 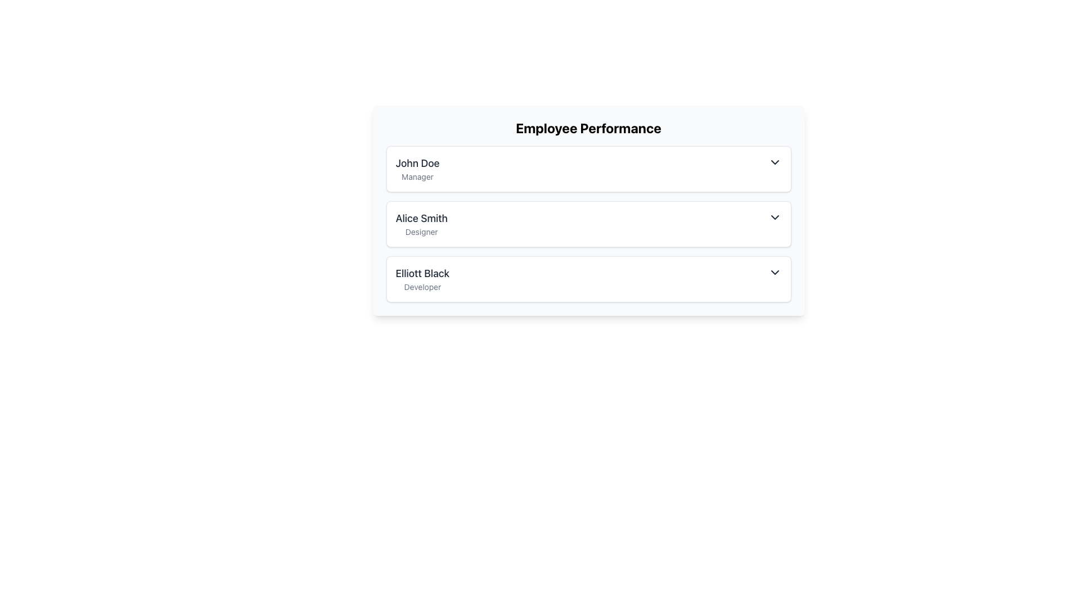 What do you see at coordinates (417, 169) in the screenshot?
I see `the Text Display element containing 'John Doe' and 'Manager', which is the first entry in the vertically-aligned list inside the 'Employee Performance' card` at bounding box center [417, 169].